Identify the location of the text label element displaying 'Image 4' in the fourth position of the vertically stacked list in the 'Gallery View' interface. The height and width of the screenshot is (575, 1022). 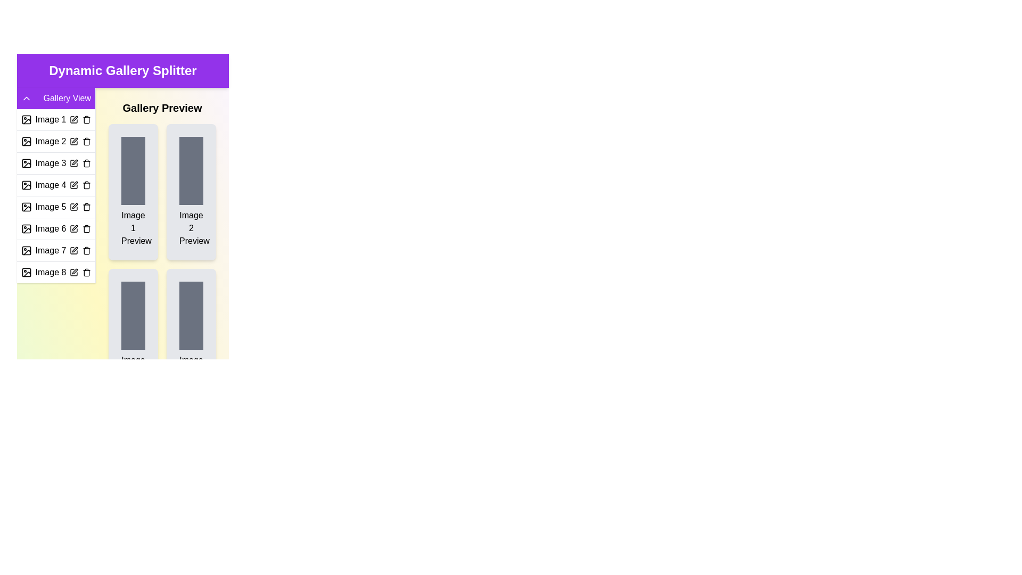
(50, 184).